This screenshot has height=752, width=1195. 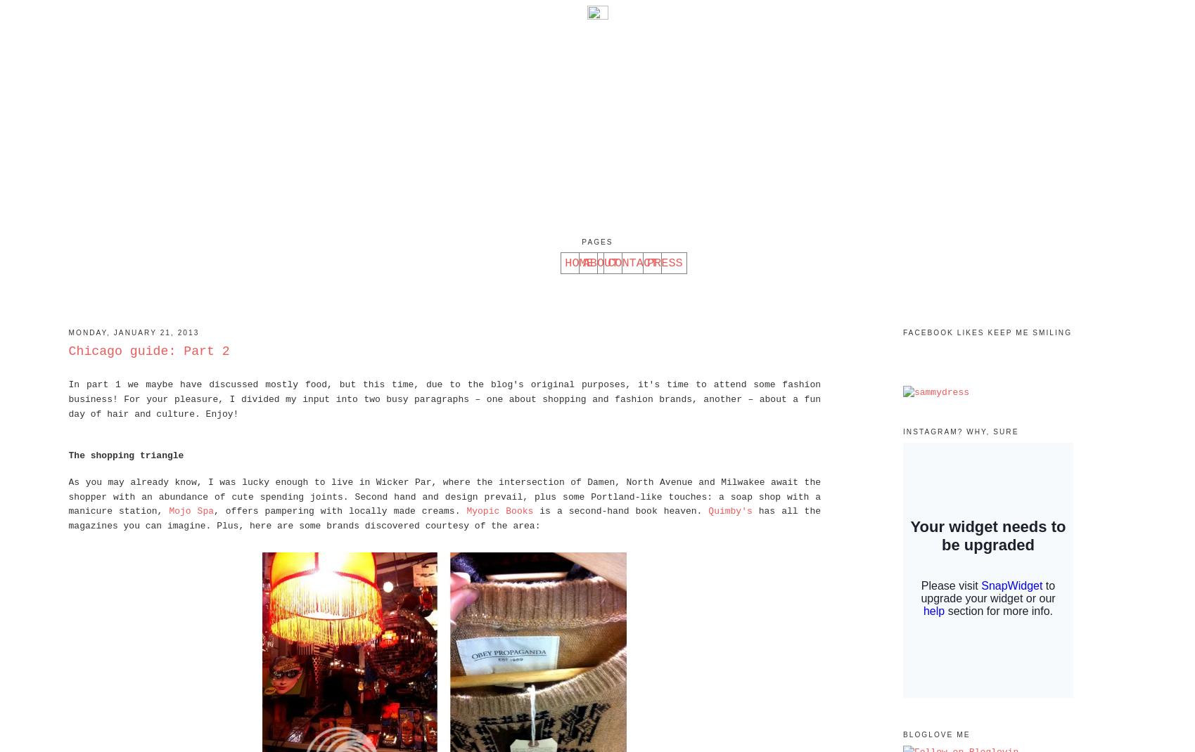 What do you see at coordinates (148, 351) in the screenshot?
I see `'Chicago guide: Part 2'` at bounding box center [148, 351].